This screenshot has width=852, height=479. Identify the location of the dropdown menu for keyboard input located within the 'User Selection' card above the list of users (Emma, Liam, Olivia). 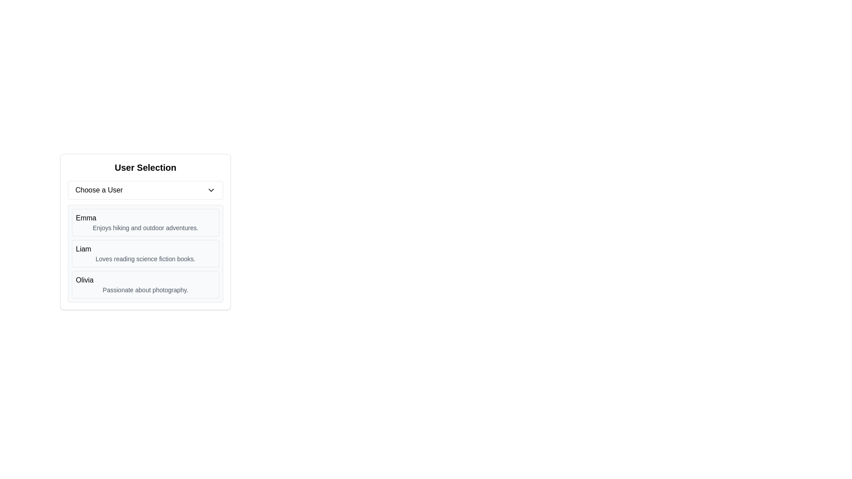
(145, 189).